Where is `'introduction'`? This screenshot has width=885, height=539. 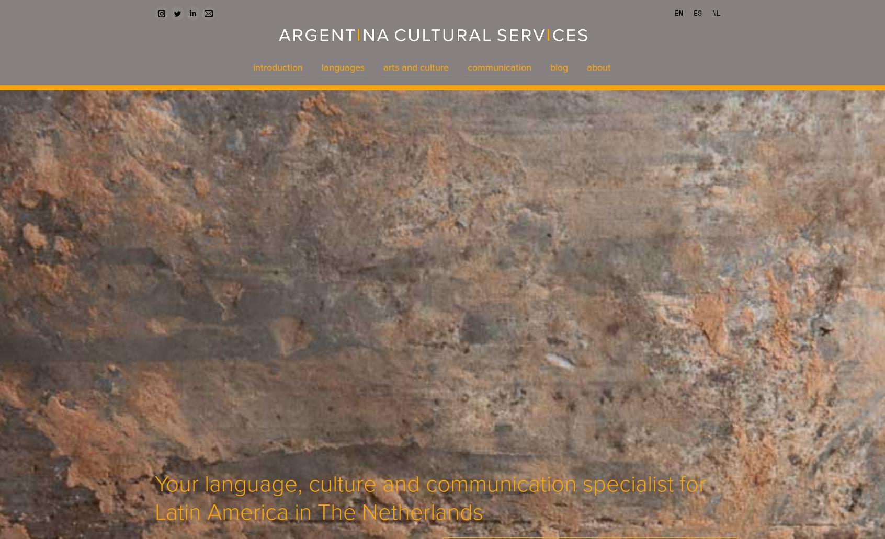 'introduction' is located at coordinates (278, 66).